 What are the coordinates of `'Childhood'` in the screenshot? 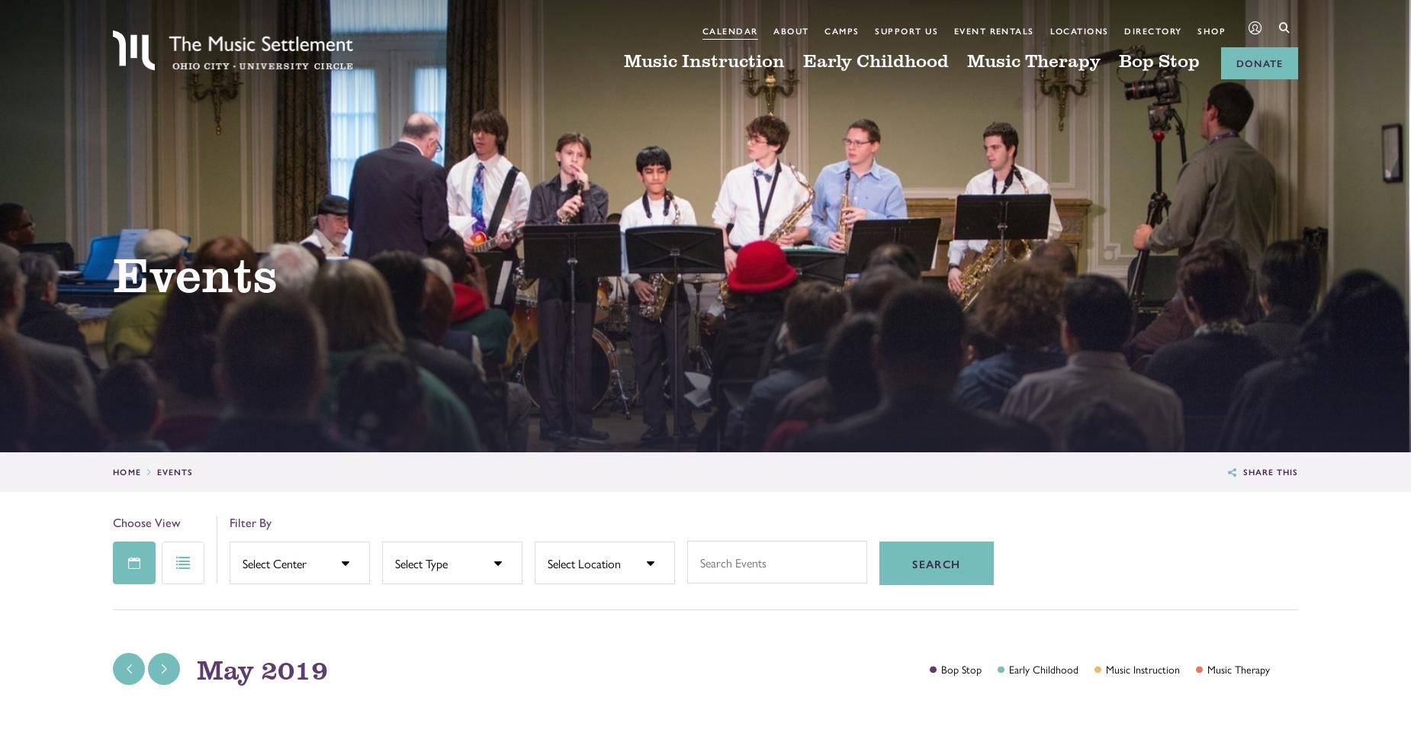 It's located at (1053, 668).